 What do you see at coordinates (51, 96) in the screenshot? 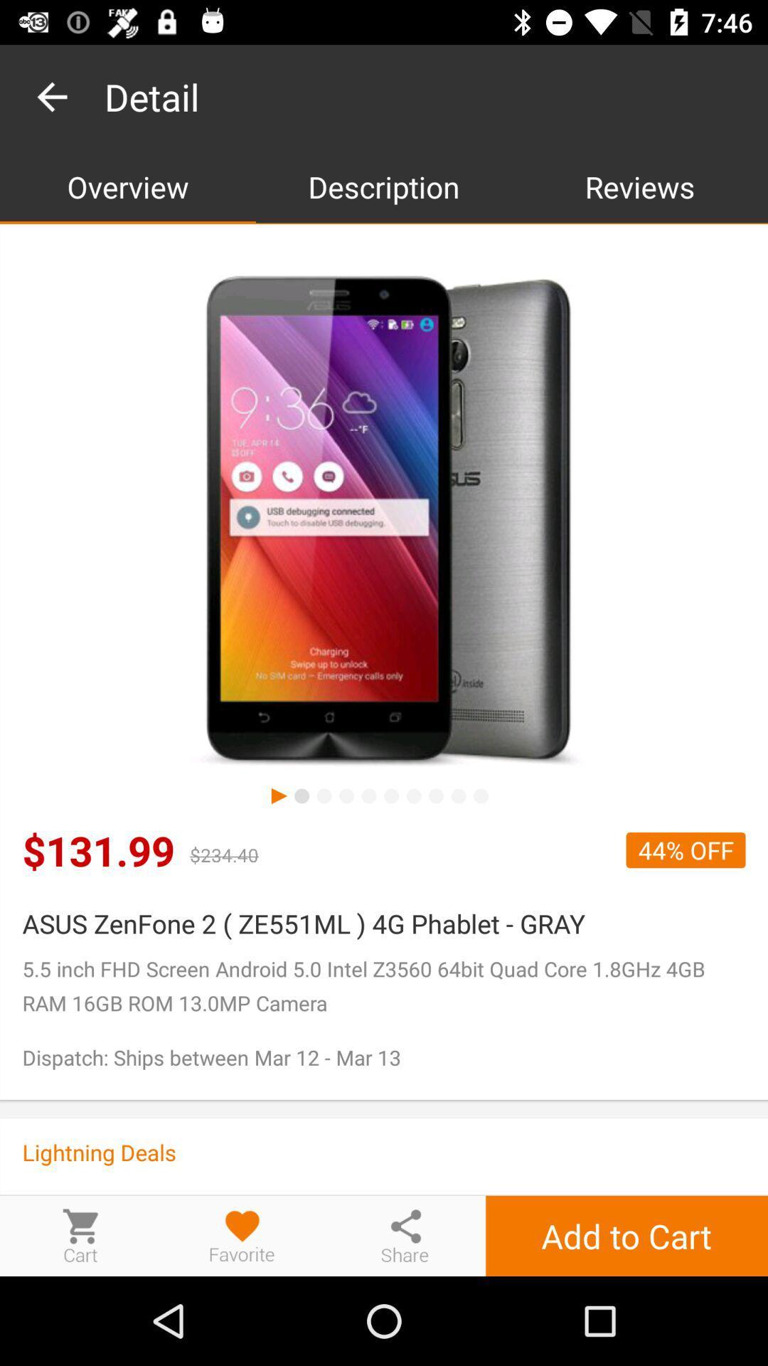
I see `the item next to the detail` at bounding box center [51, 96].